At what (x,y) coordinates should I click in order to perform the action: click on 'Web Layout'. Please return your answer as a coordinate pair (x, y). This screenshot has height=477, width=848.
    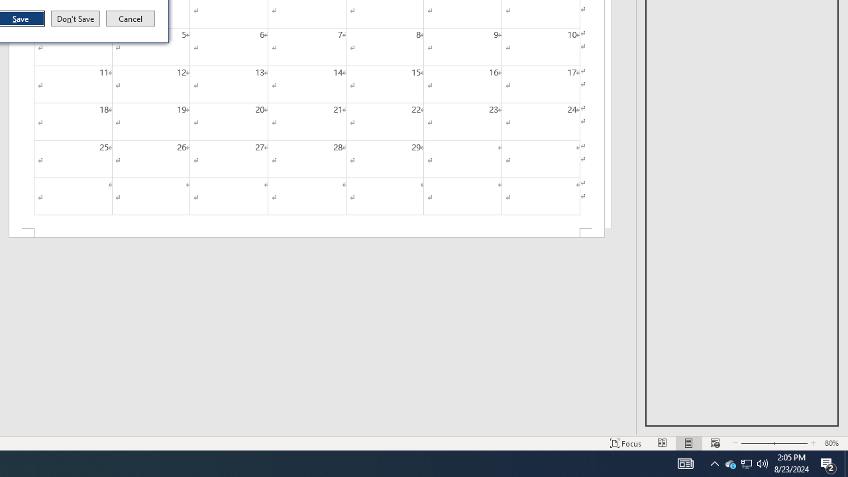
    Looking at the image, I should click on (714, 443).